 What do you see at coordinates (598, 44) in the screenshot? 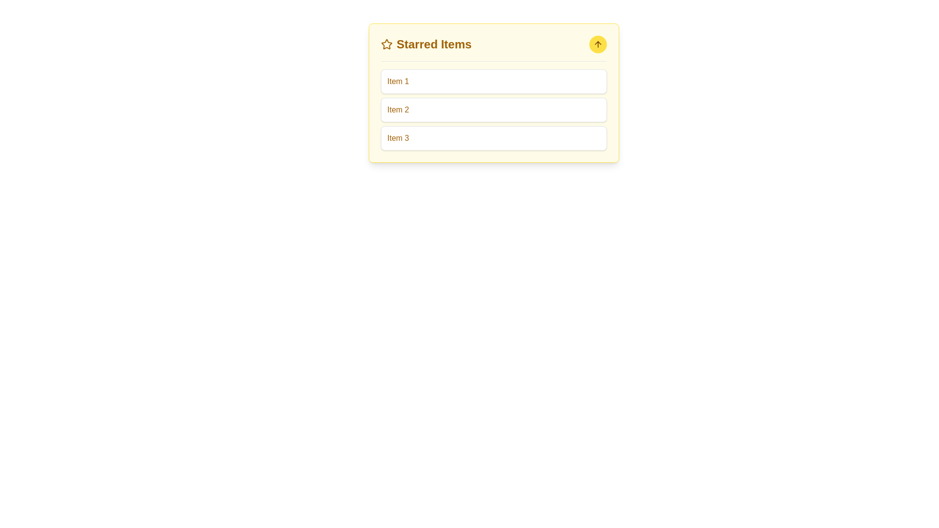
I see `the upward-pointing arrow icon within the circular yellow button located in the top-right corner of the 'Starred Items' card` at bounding box center [598, 44].